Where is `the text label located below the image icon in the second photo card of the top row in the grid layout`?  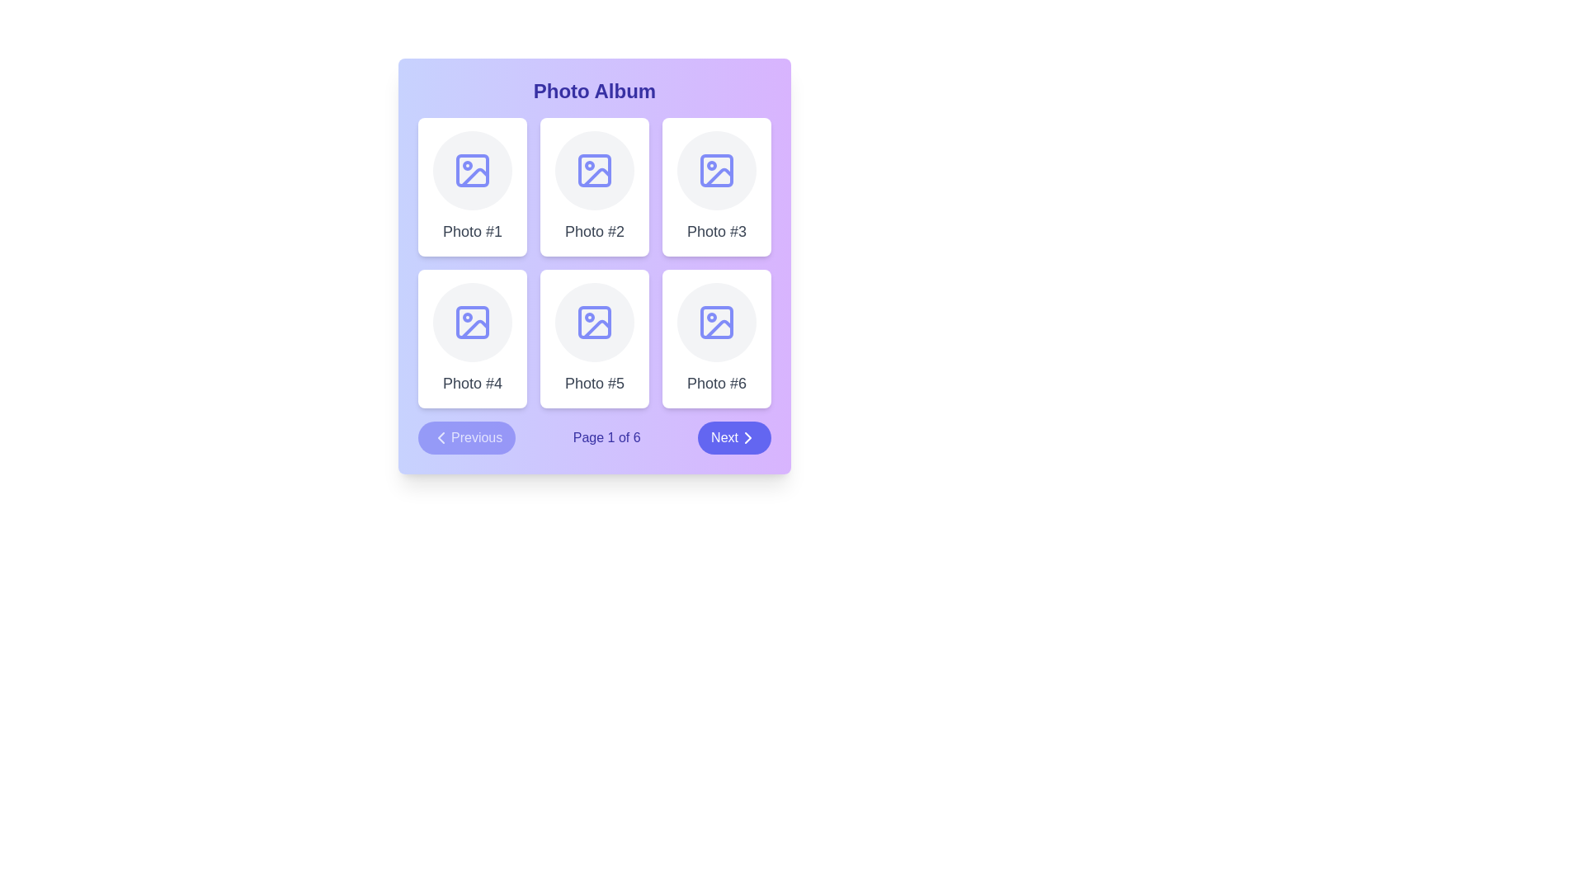 the text label located below the image icon in the second photo card of the top row in the grid layout is located at coordinates (594, 232).